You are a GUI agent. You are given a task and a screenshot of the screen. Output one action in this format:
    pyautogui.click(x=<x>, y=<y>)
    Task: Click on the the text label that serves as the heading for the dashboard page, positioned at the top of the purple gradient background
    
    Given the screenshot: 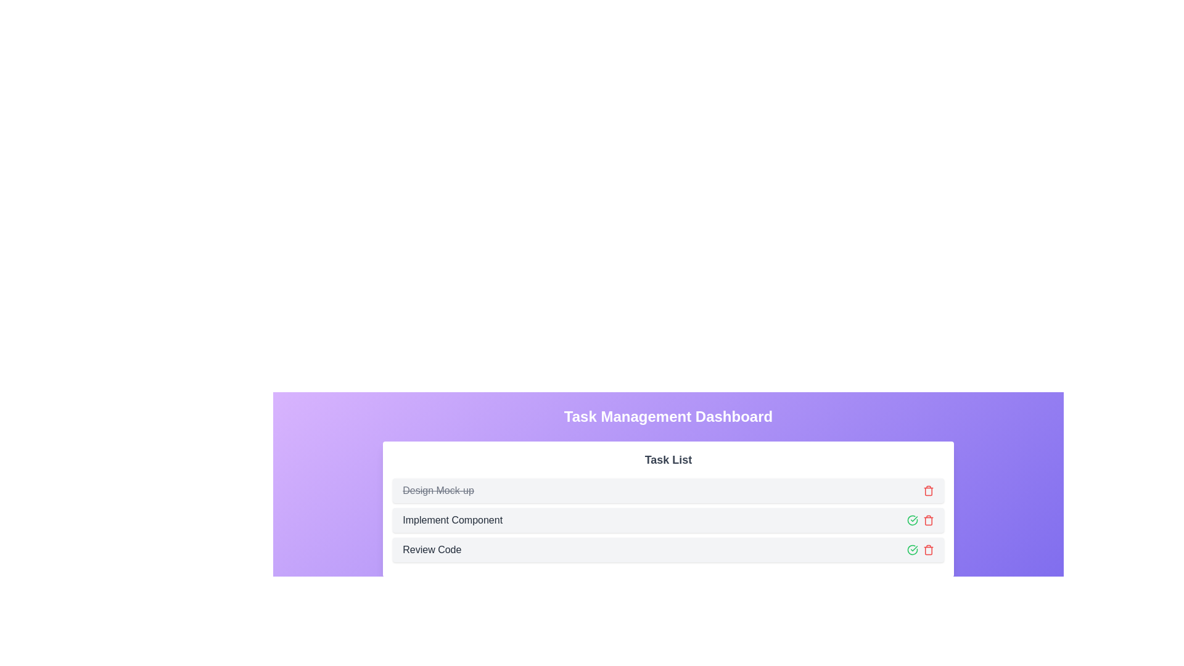 What is the action you would take?
    pyautogui.click(x=668, y=416)
    